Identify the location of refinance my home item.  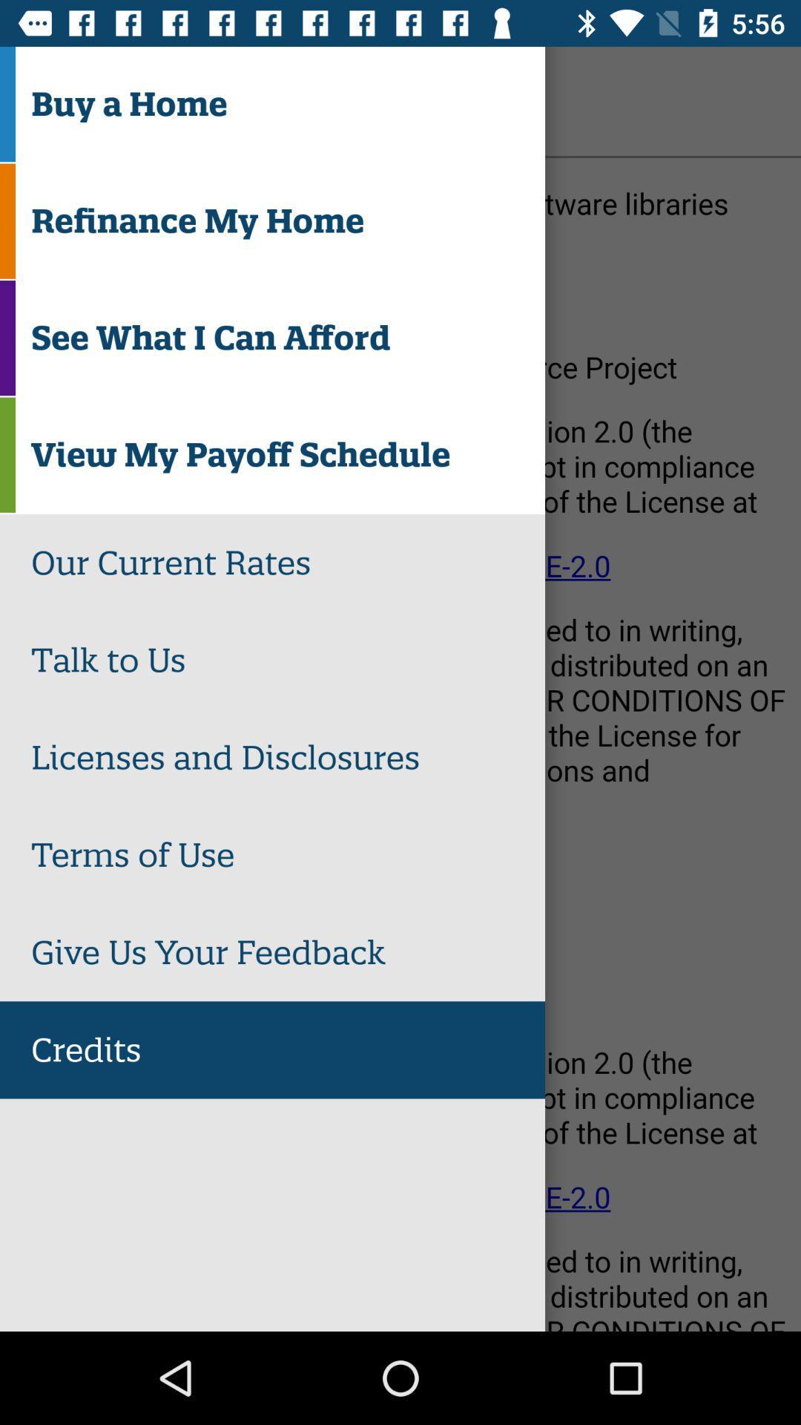
(288, 220).